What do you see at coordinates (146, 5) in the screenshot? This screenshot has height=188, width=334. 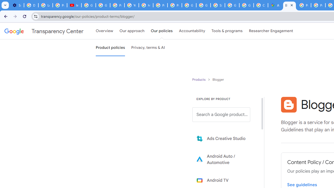 I see `'https://scholar.google.com/'` at bounding box center [146, 5].